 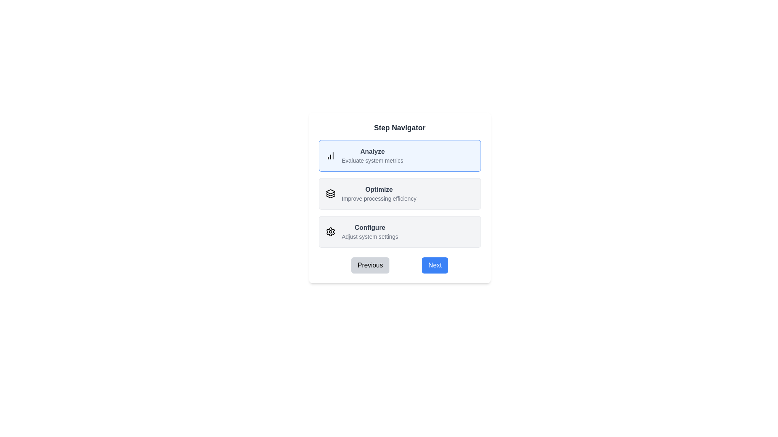 I want to click on the text label that reads 'Evaluate system metrics', which is styled in light gray and is located directly below the bold header 'Analyze' within the 'Step Navigator' card, so click(x=372, y=161).